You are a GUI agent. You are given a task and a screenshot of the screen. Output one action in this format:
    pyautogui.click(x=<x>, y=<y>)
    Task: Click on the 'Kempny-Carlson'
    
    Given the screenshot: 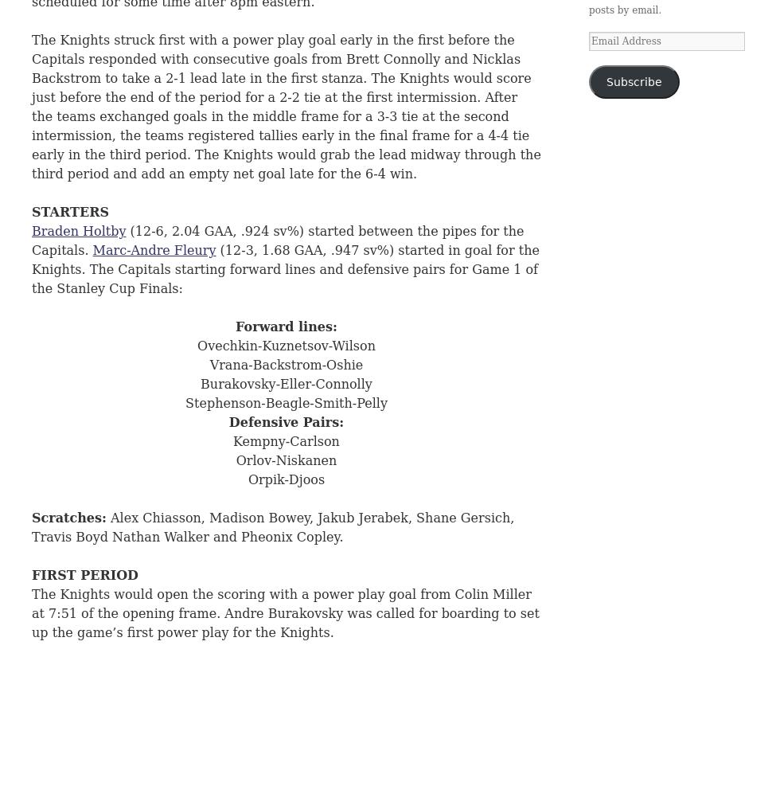 What is the action you would take?
    pyautogui.click(x=286, y=441)
    